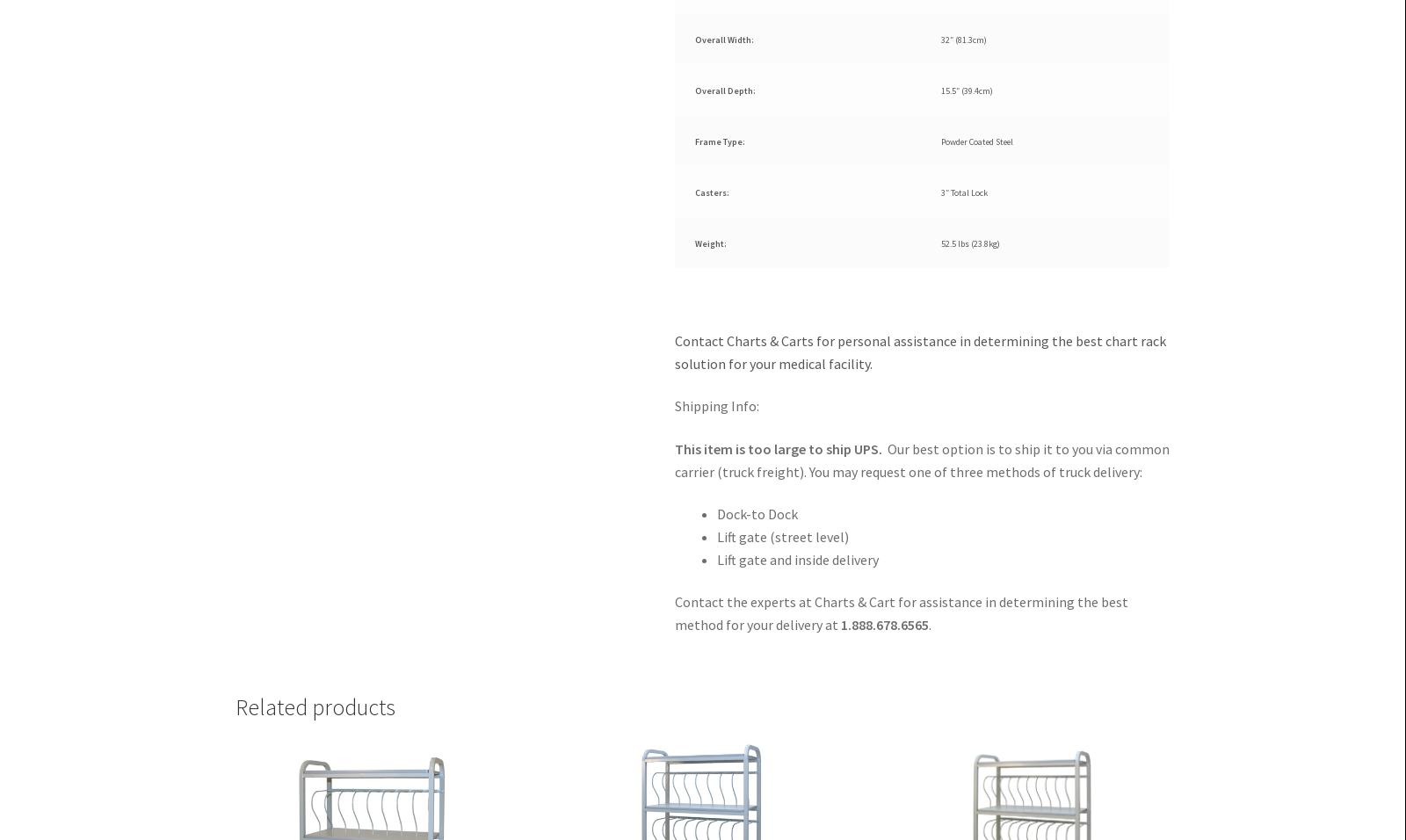 The image size is (1406, 840). Describe the element at coordinates (752, 90) in the screenshot. I see `':'` at that location.